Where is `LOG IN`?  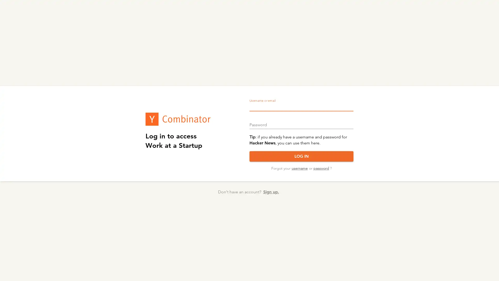 LOG IN is located at coordinates (301, 156).